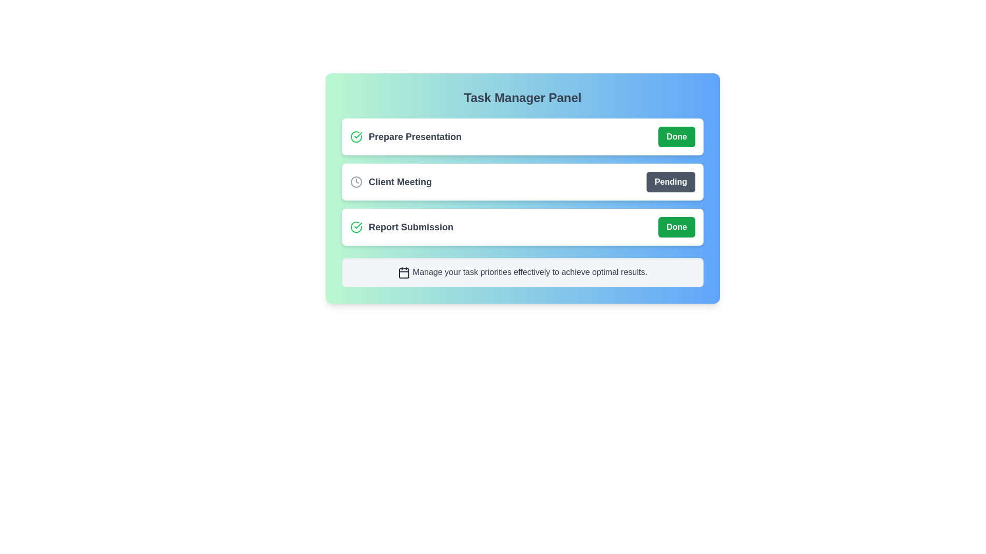  What do you see at coordinates (677, 227) in the screenshot?
I see `the button corresponding to the task Report Submission to toggle its status` at bounding box center [677, 227].